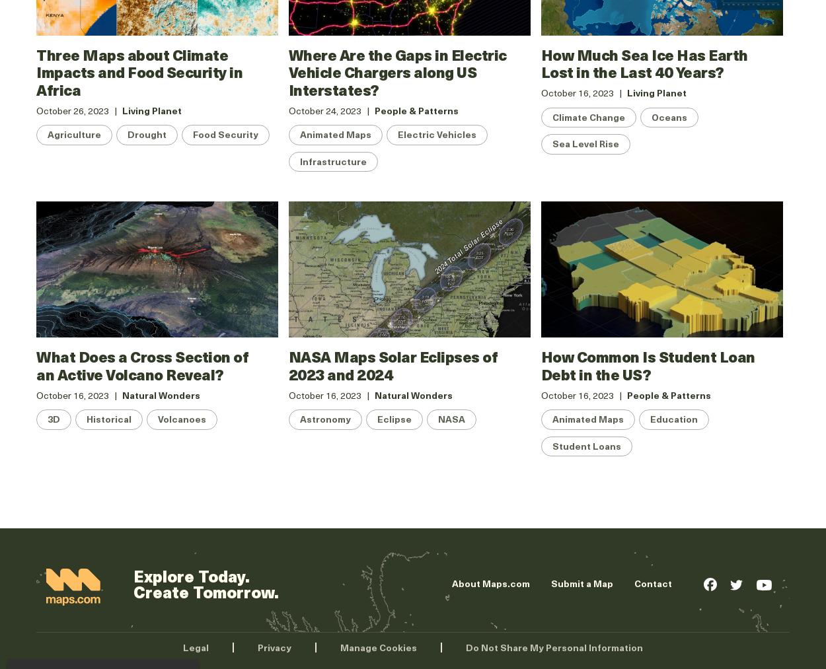 The width and height of the screenshot is (826, 669). I want to click on 'October 26, 2023', so click(72, 110).